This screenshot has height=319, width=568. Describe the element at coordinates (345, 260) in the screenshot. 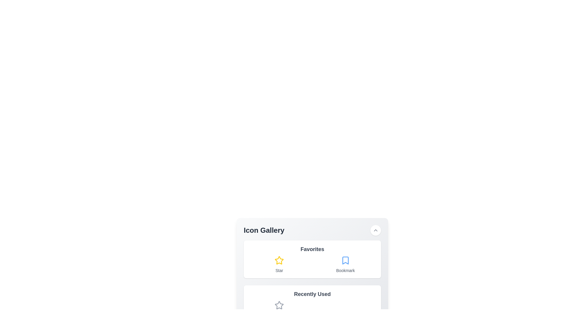

I see `the bookmark-shaped icon with a blue stroke color and rounded edges located in the 'Favorites' section` at that location.